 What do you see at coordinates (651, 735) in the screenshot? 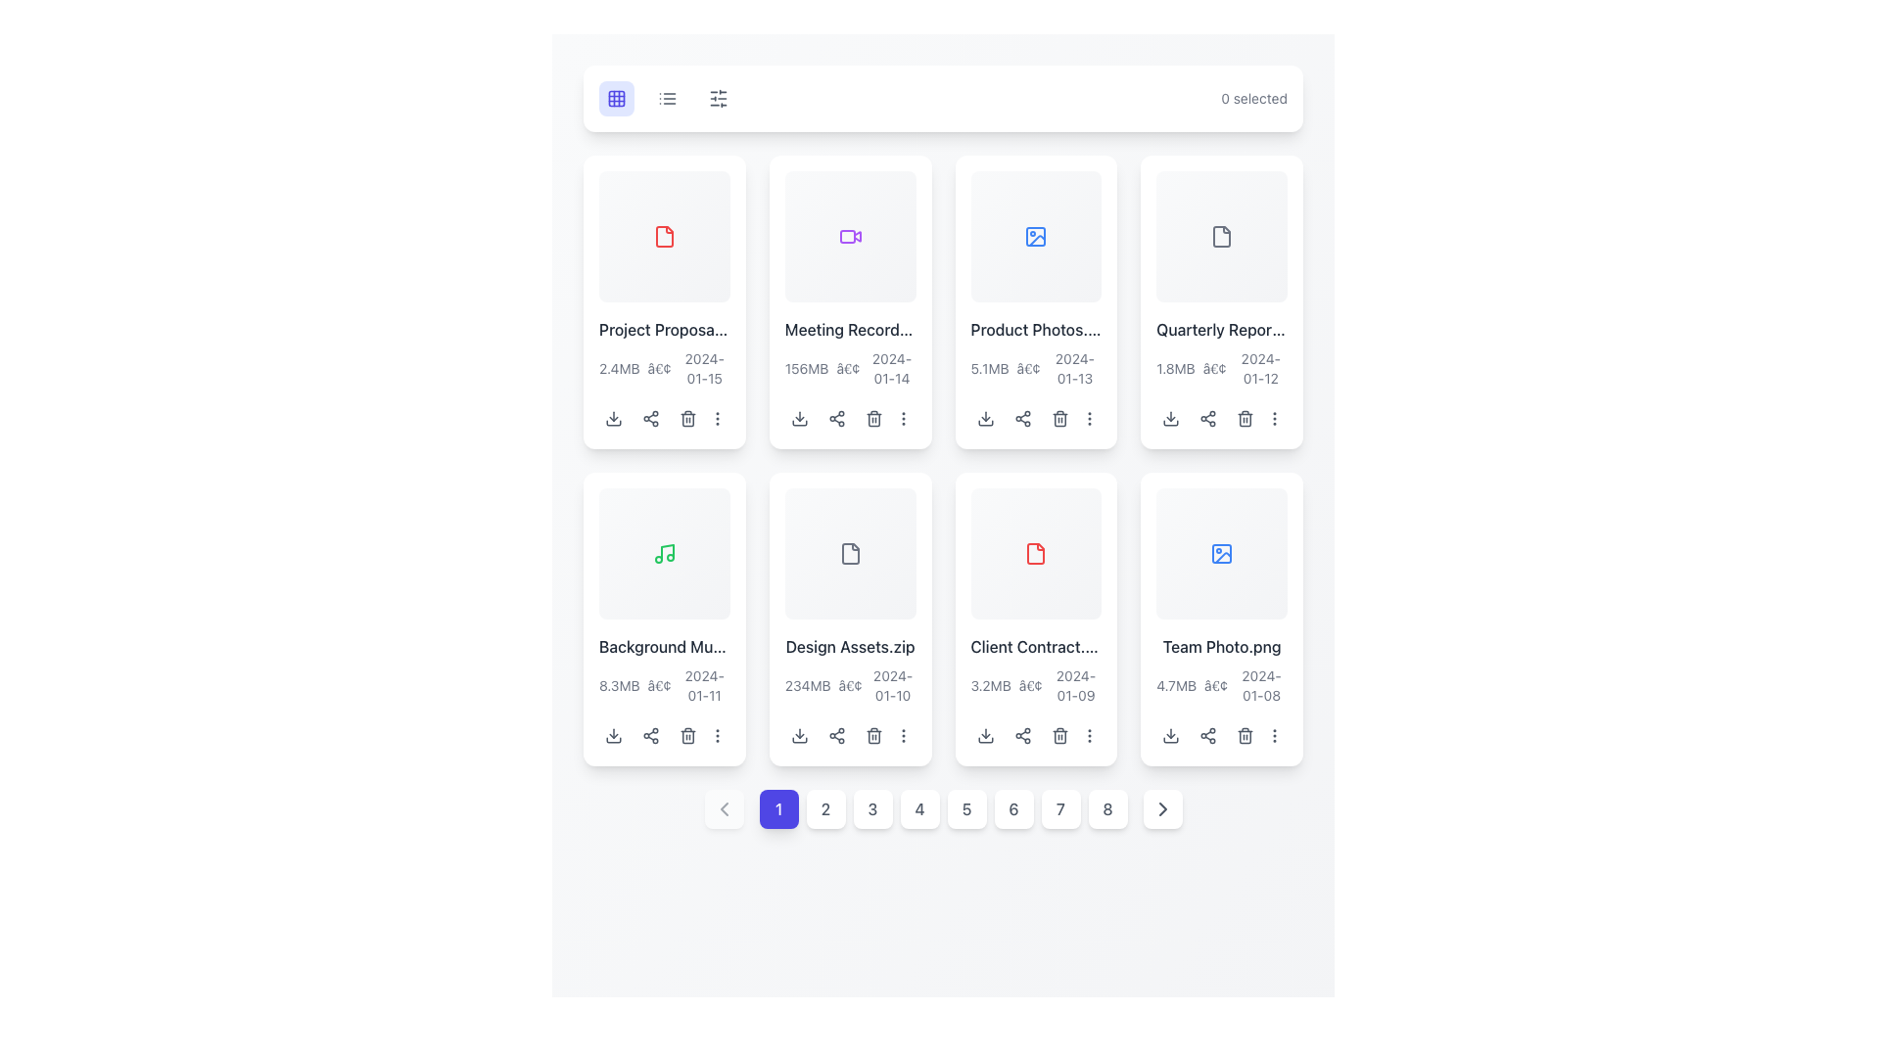
I see `the share icon button, which is visually represented by three interconnected circles forming a triangular pattern, located in the 'Background Music' card among the functional icons` at bounding box center [651, 735].